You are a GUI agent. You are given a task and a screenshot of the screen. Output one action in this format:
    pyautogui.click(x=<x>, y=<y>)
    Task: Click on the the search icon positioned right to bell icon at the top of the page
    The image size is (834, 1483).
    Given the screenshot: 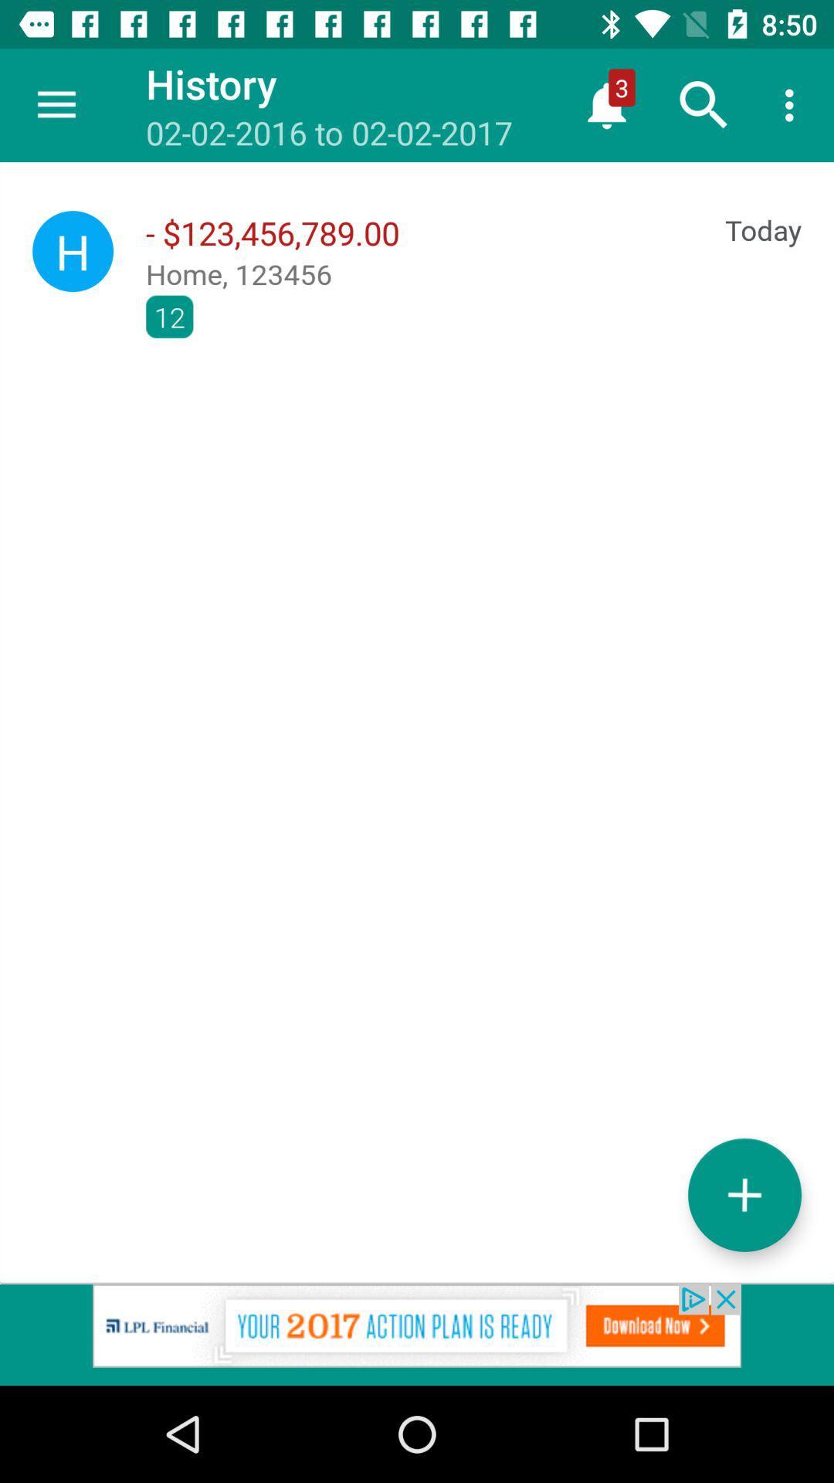 What is the action you would take?
    pyautogui.click(x=703, y=105)
    